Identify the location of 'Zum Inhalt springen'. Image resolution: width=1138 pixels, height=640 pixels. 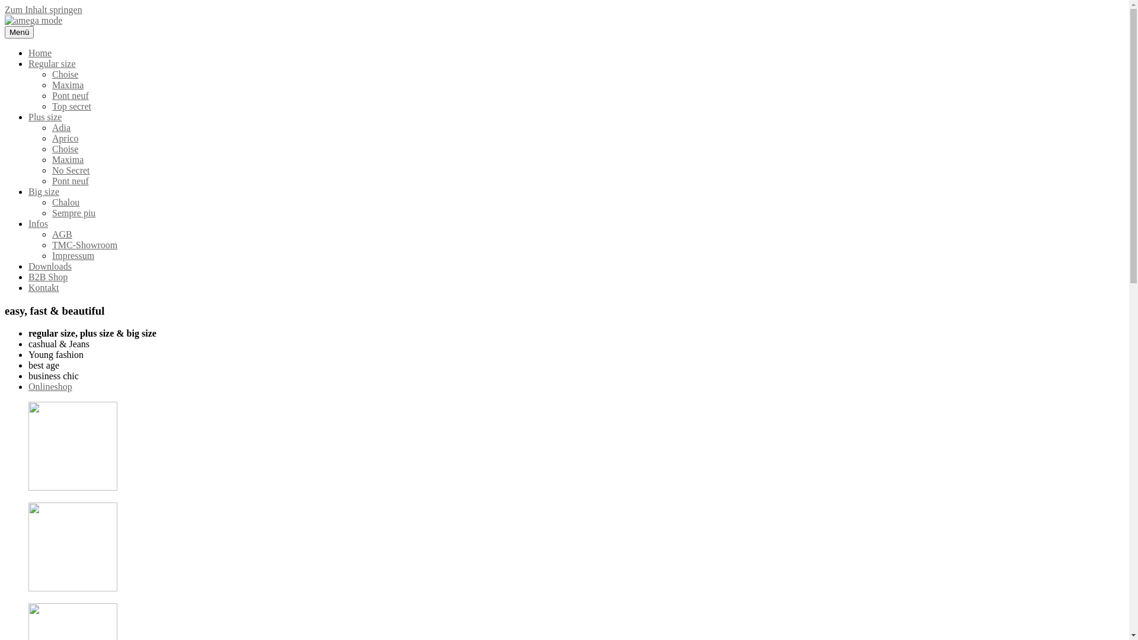
(43, 9).